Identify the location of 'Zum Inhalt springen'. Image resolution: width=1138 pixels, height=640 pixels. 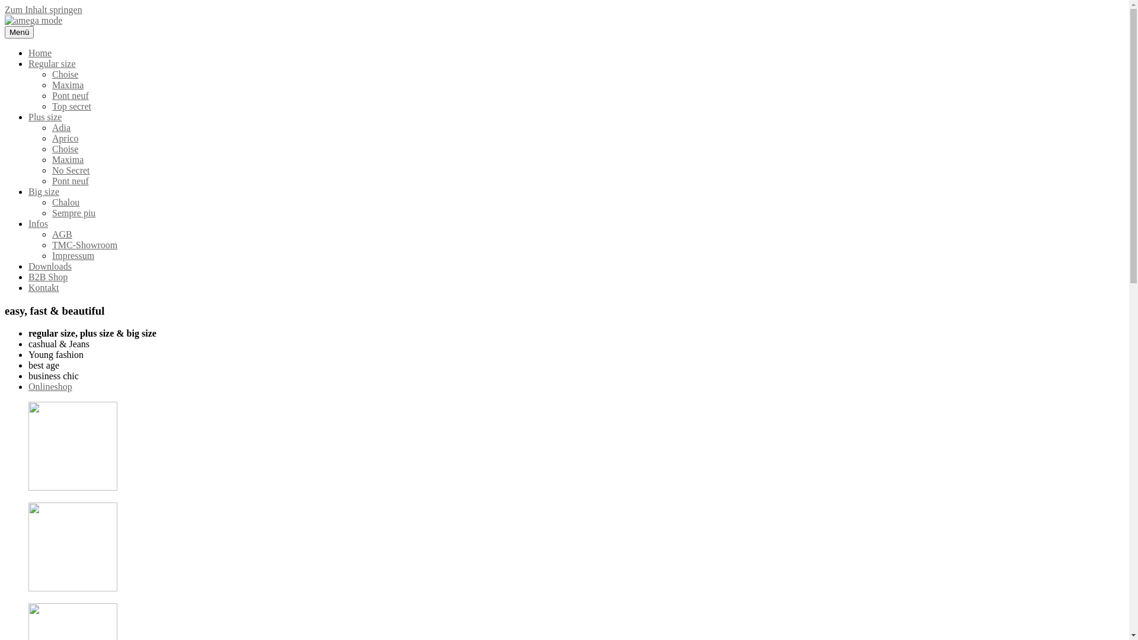
(43, 9).